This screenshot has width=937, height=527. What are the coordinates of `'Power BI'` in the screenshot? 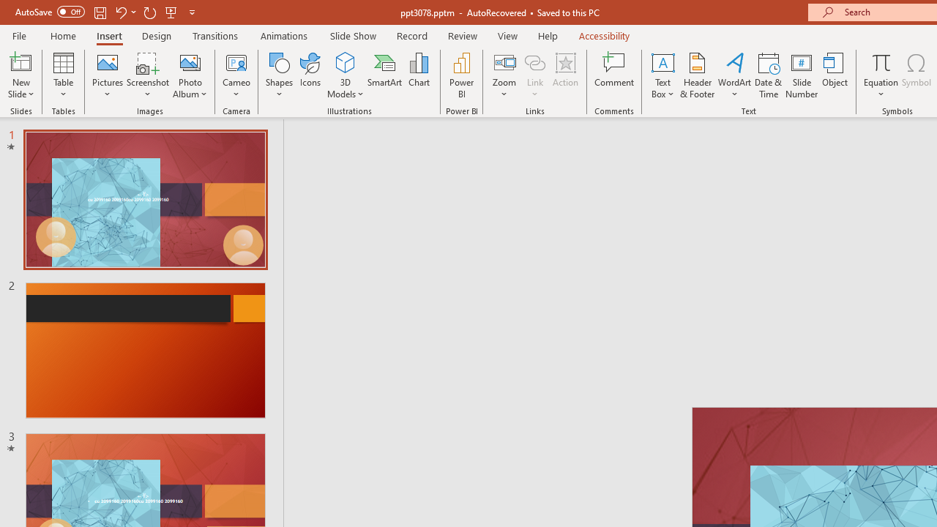 It's located at (461, 75).